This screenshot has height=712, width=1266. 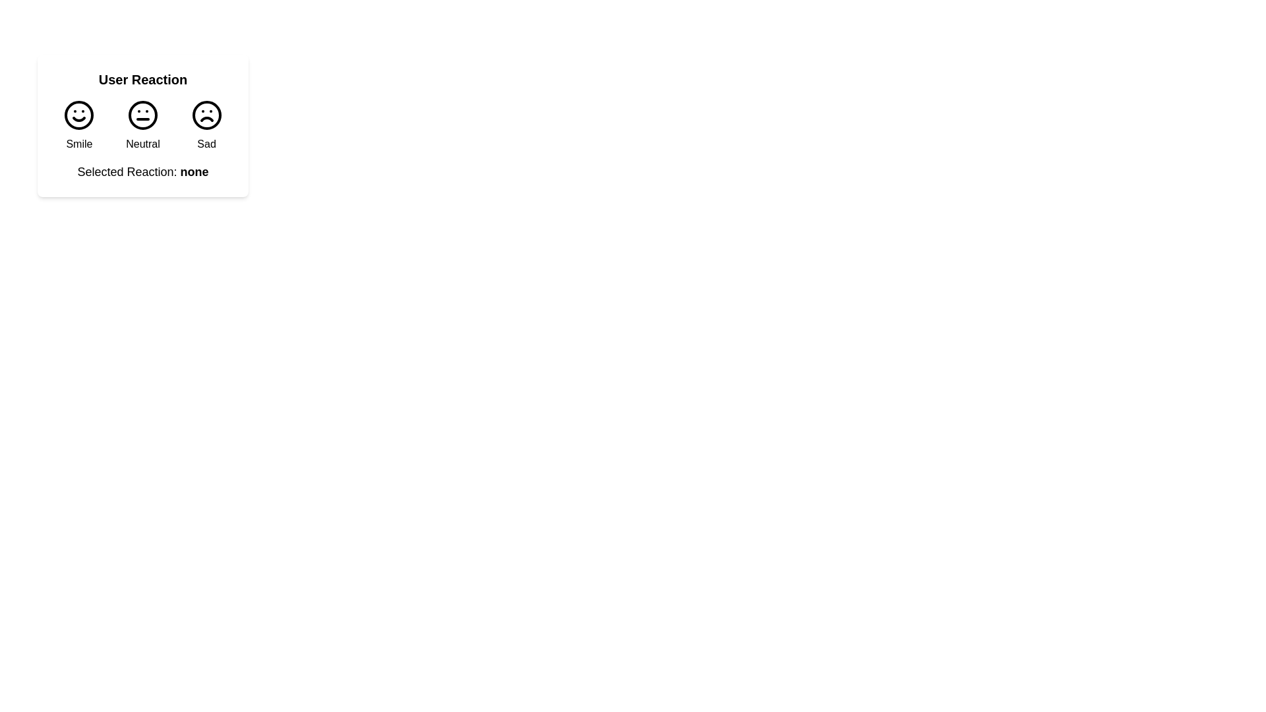 I want to click on the circular icon with a frowning face, so click(x=206, y=114).